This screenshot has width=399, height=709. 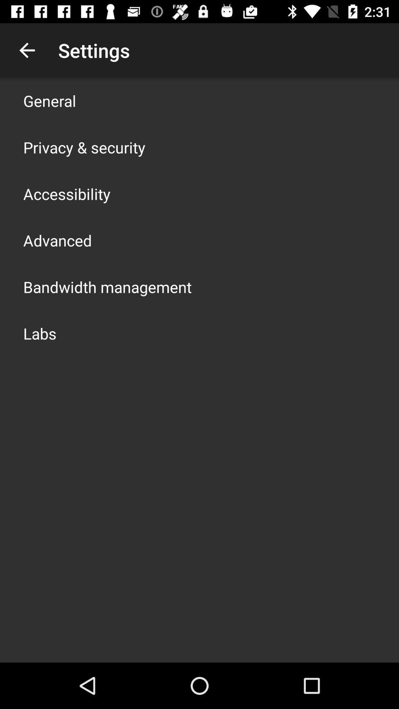 What do you see at coordinates (40, 333) in the screenshot?
I see `the labs item` at bounding box center [40, 333].